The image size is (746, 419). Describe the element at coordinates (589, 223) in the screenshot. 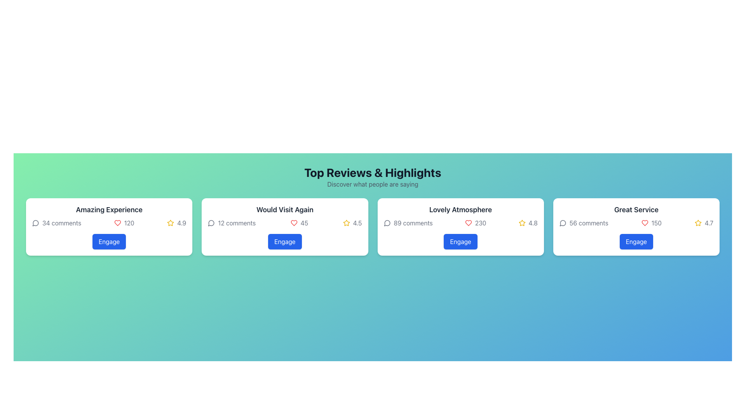

I see `the text label displaying '56 comments' located within the 'Great Service' card, positioned next to the comment icon` at that location.